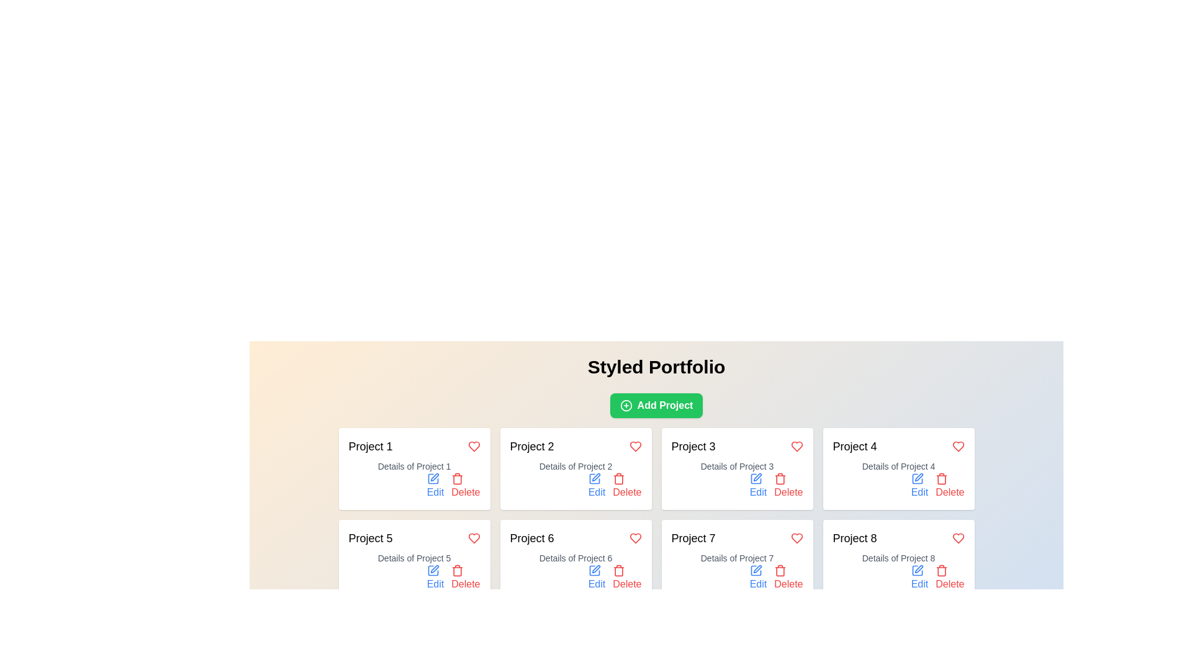  Describe the element at coordinates (854, 447) in the screenshot. I see `the Text label displaying 'Project 4' located at the top-left corner of the fourth card in the grid layout` at that location.